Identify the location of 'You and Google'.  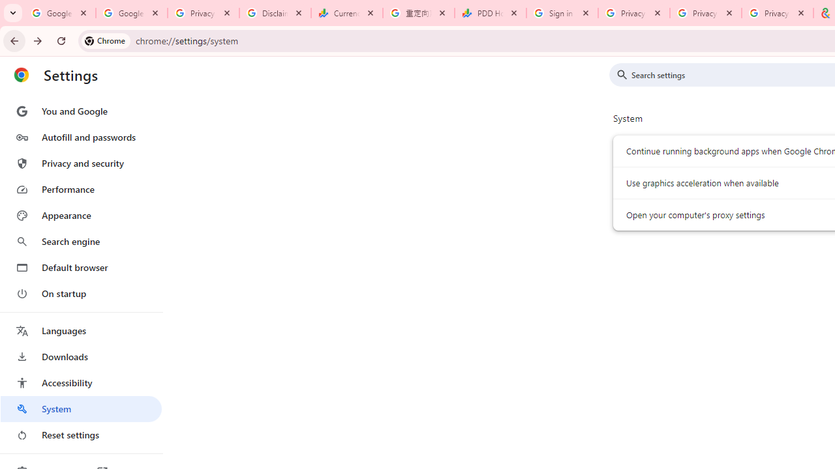
(80, 111).